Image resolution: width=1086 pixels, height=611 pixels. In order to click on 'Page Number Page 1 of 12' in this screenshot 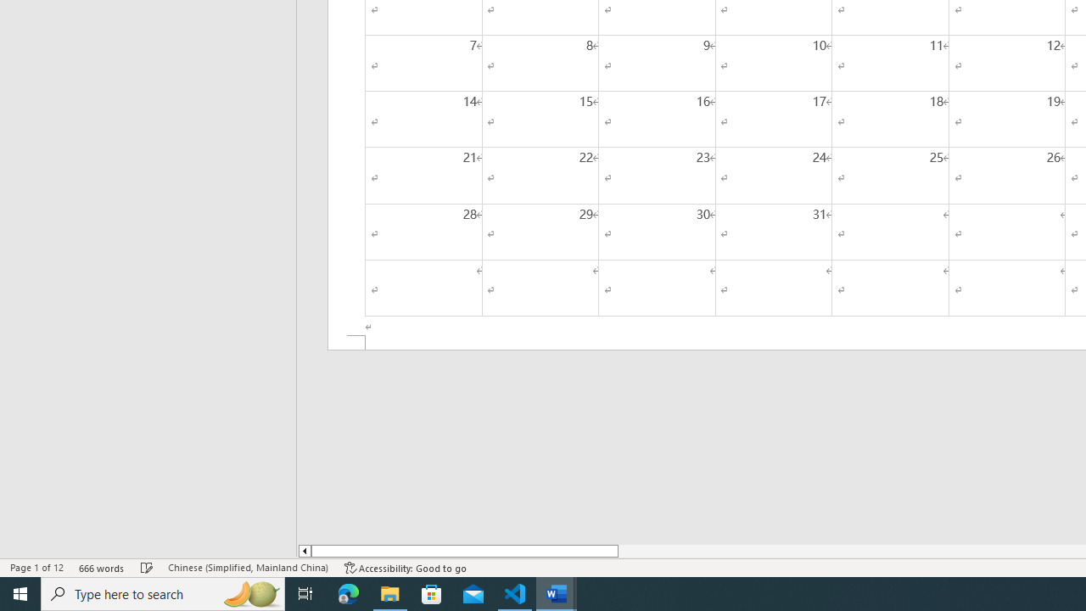, I will do `click(36, 568)`.